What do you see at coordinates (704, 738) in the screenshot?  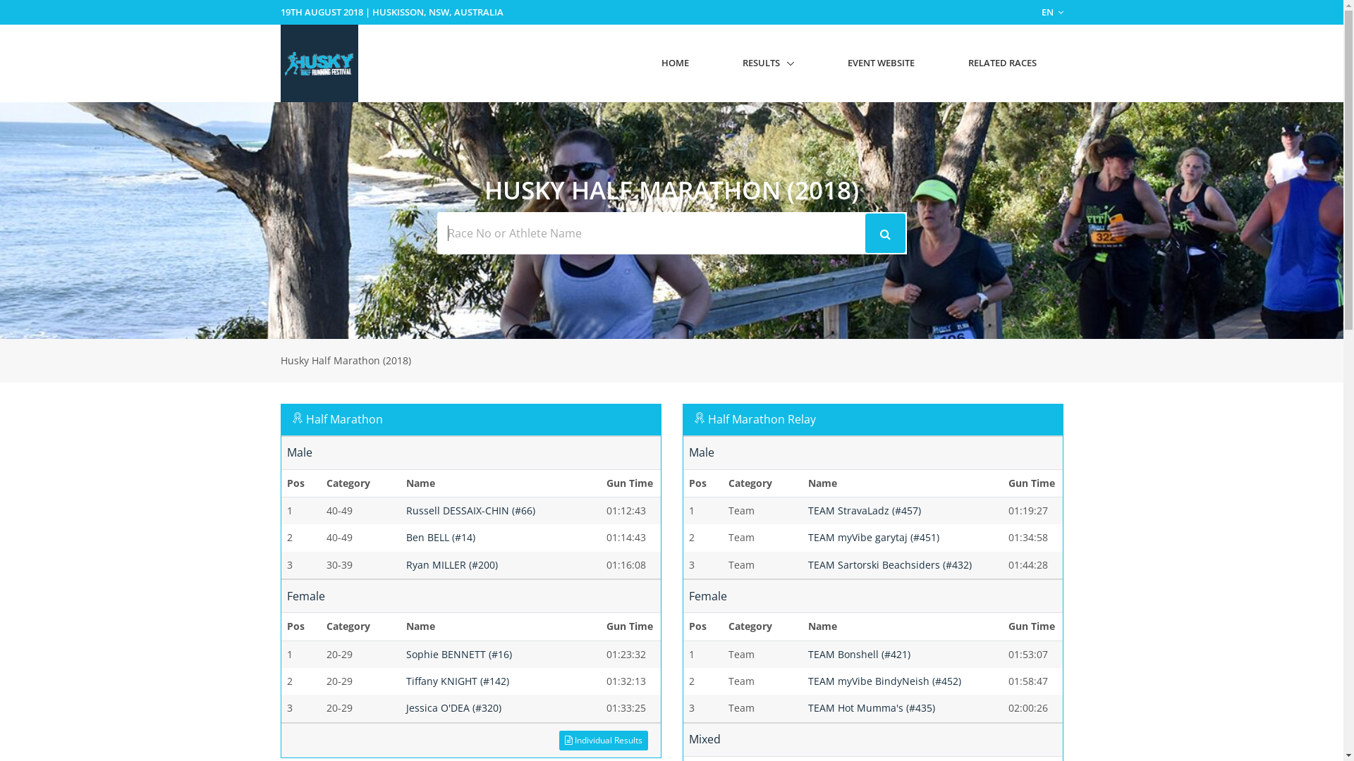 I see `'Mixed'` at bounding box center [704, 738].